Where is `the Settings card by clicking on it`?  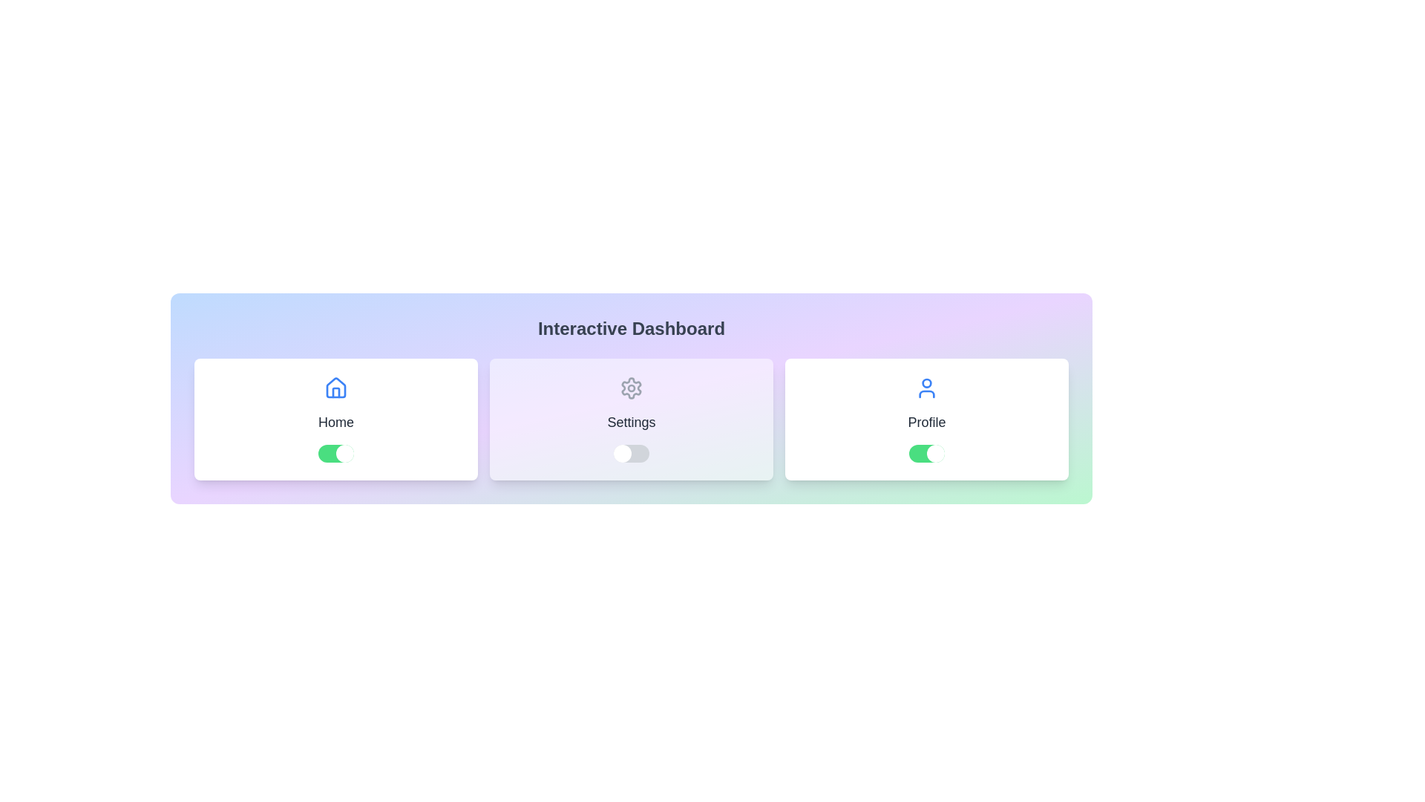
the Settings card by clicking on it is located at coordinates (631, 419).